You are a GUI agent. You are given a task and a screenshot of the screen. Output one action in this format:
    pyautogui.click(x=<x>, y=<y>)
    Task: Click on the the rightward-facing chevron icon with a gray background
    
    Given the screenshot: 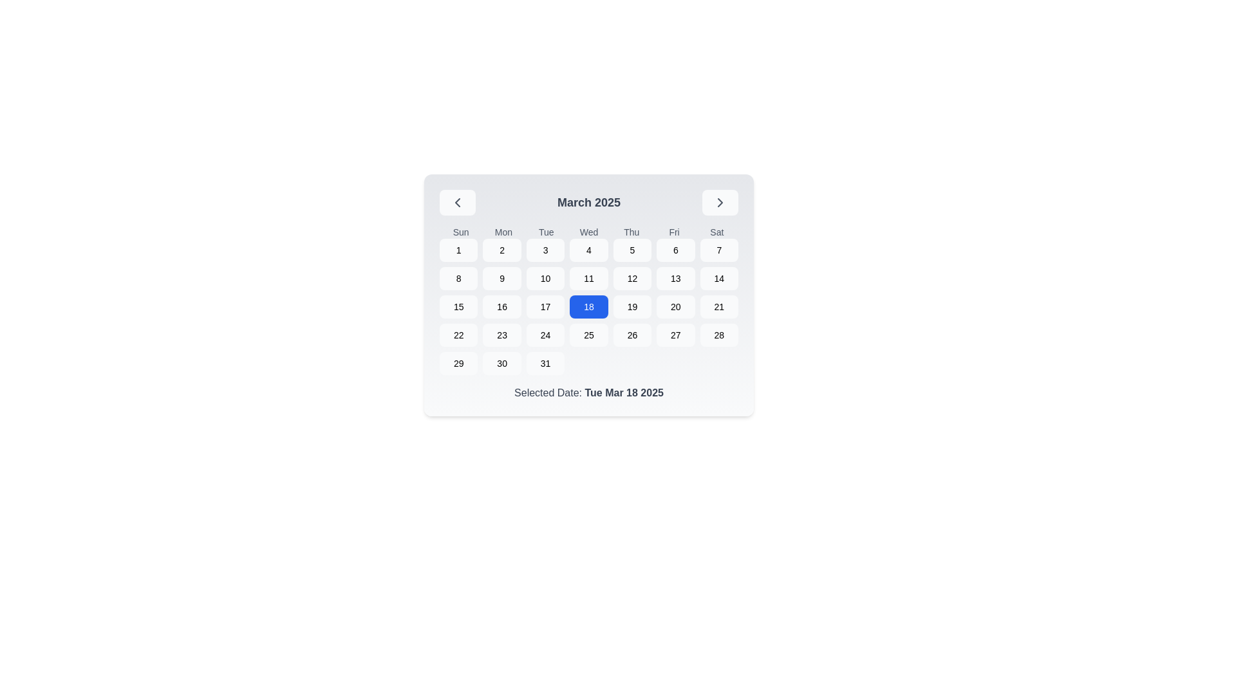 What is the action you would take?
    pyautogui.click(x=719, y=203)
    